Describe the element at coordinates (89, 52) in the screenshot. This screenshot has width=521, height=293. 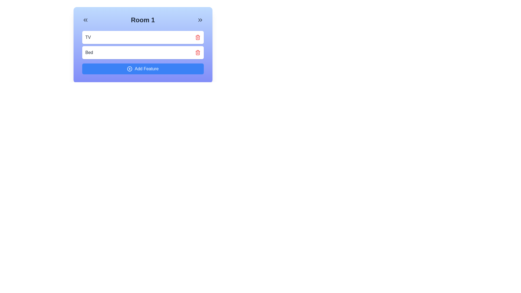
I see `the text label 'Bed' located in the second row beneath the 'Room 1' header, which is the first component in its row` at that location.